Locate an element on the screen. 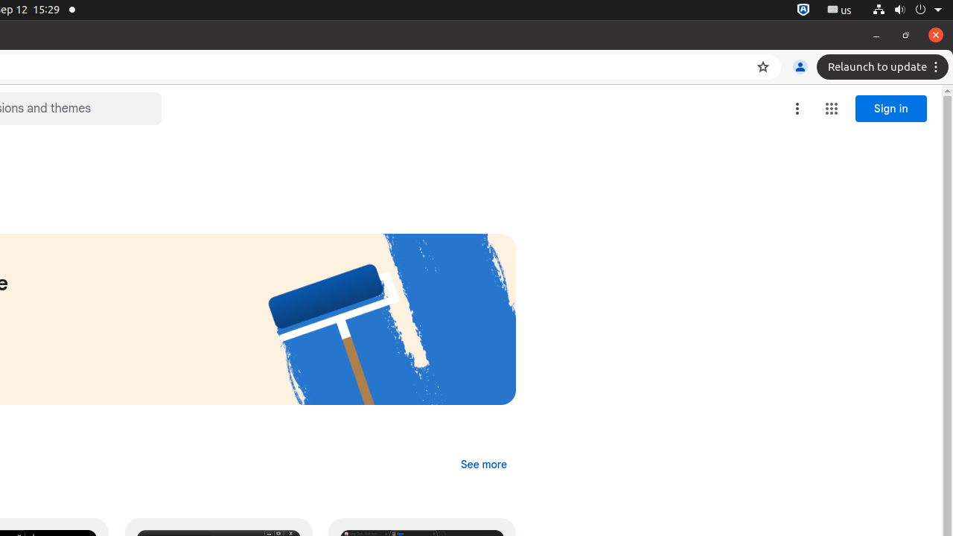 The width and height of the screenshot is (953, 536). 'See more of the "Dark & black themes" collection' is located at coordinates (483, 464).